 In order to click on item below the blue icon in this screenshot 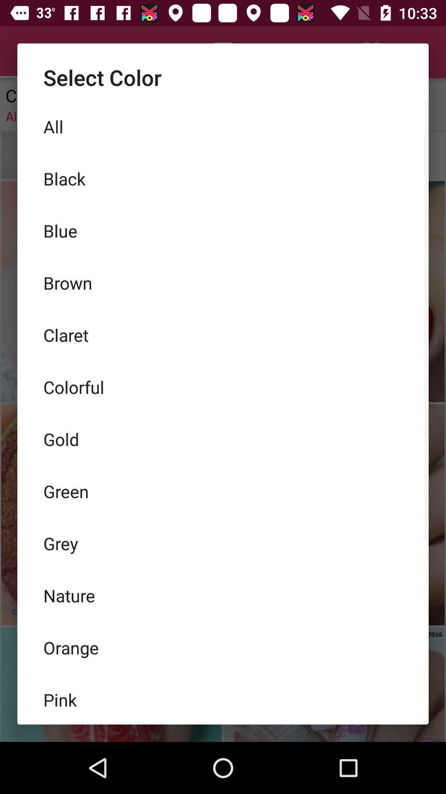, I will do `click(223, 283)`.